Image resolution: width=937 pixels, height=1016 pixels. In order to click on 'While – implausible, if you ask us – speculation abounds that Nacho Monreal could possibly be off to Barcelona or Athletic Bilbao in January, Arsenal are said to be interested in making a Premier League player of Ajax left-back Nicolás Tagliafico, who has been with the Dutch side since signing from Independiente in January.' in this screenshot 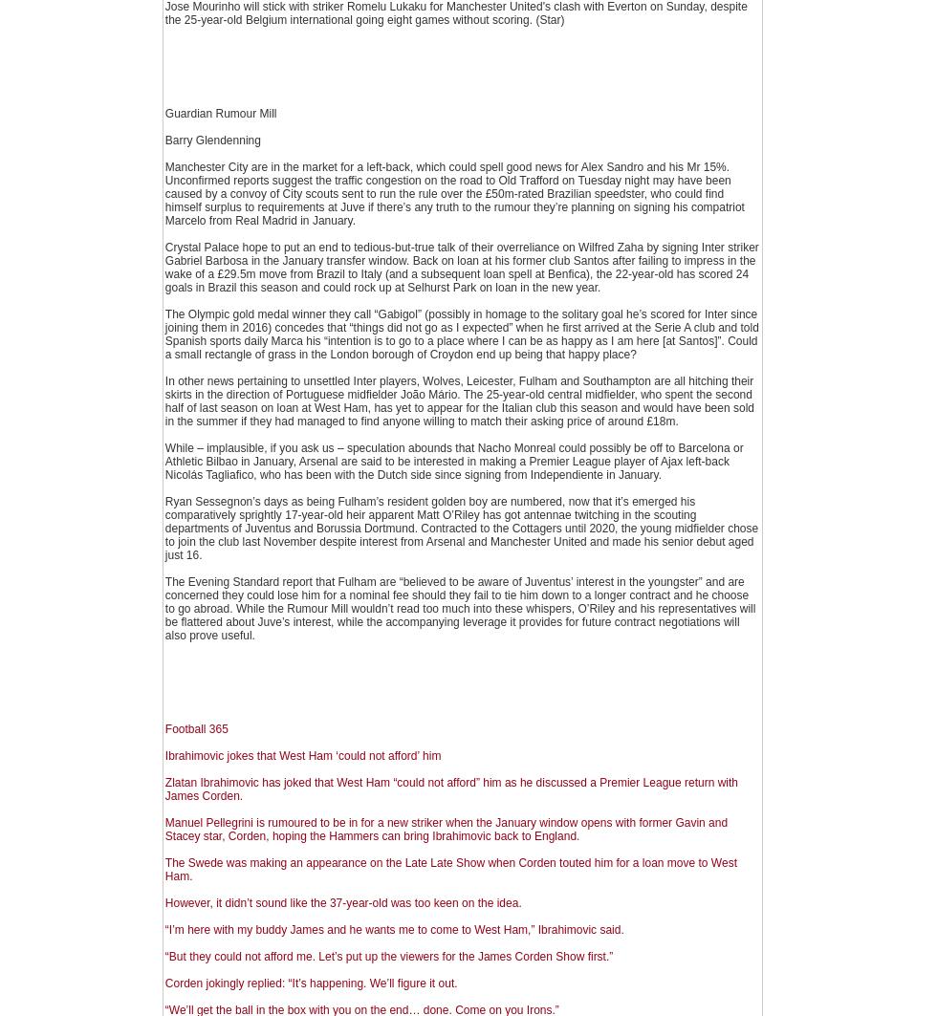, I will do `click(453, 462)`.